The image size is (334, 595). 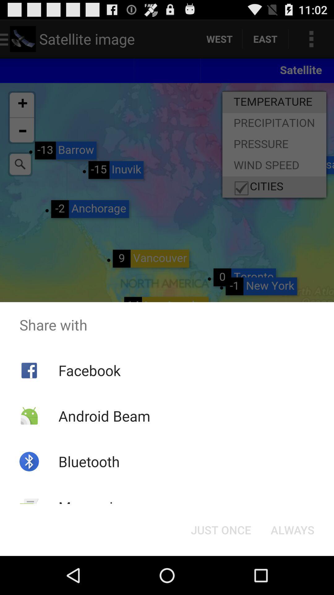 I want to click on the icon to the right of just once icon, so click(x=292, y=529).